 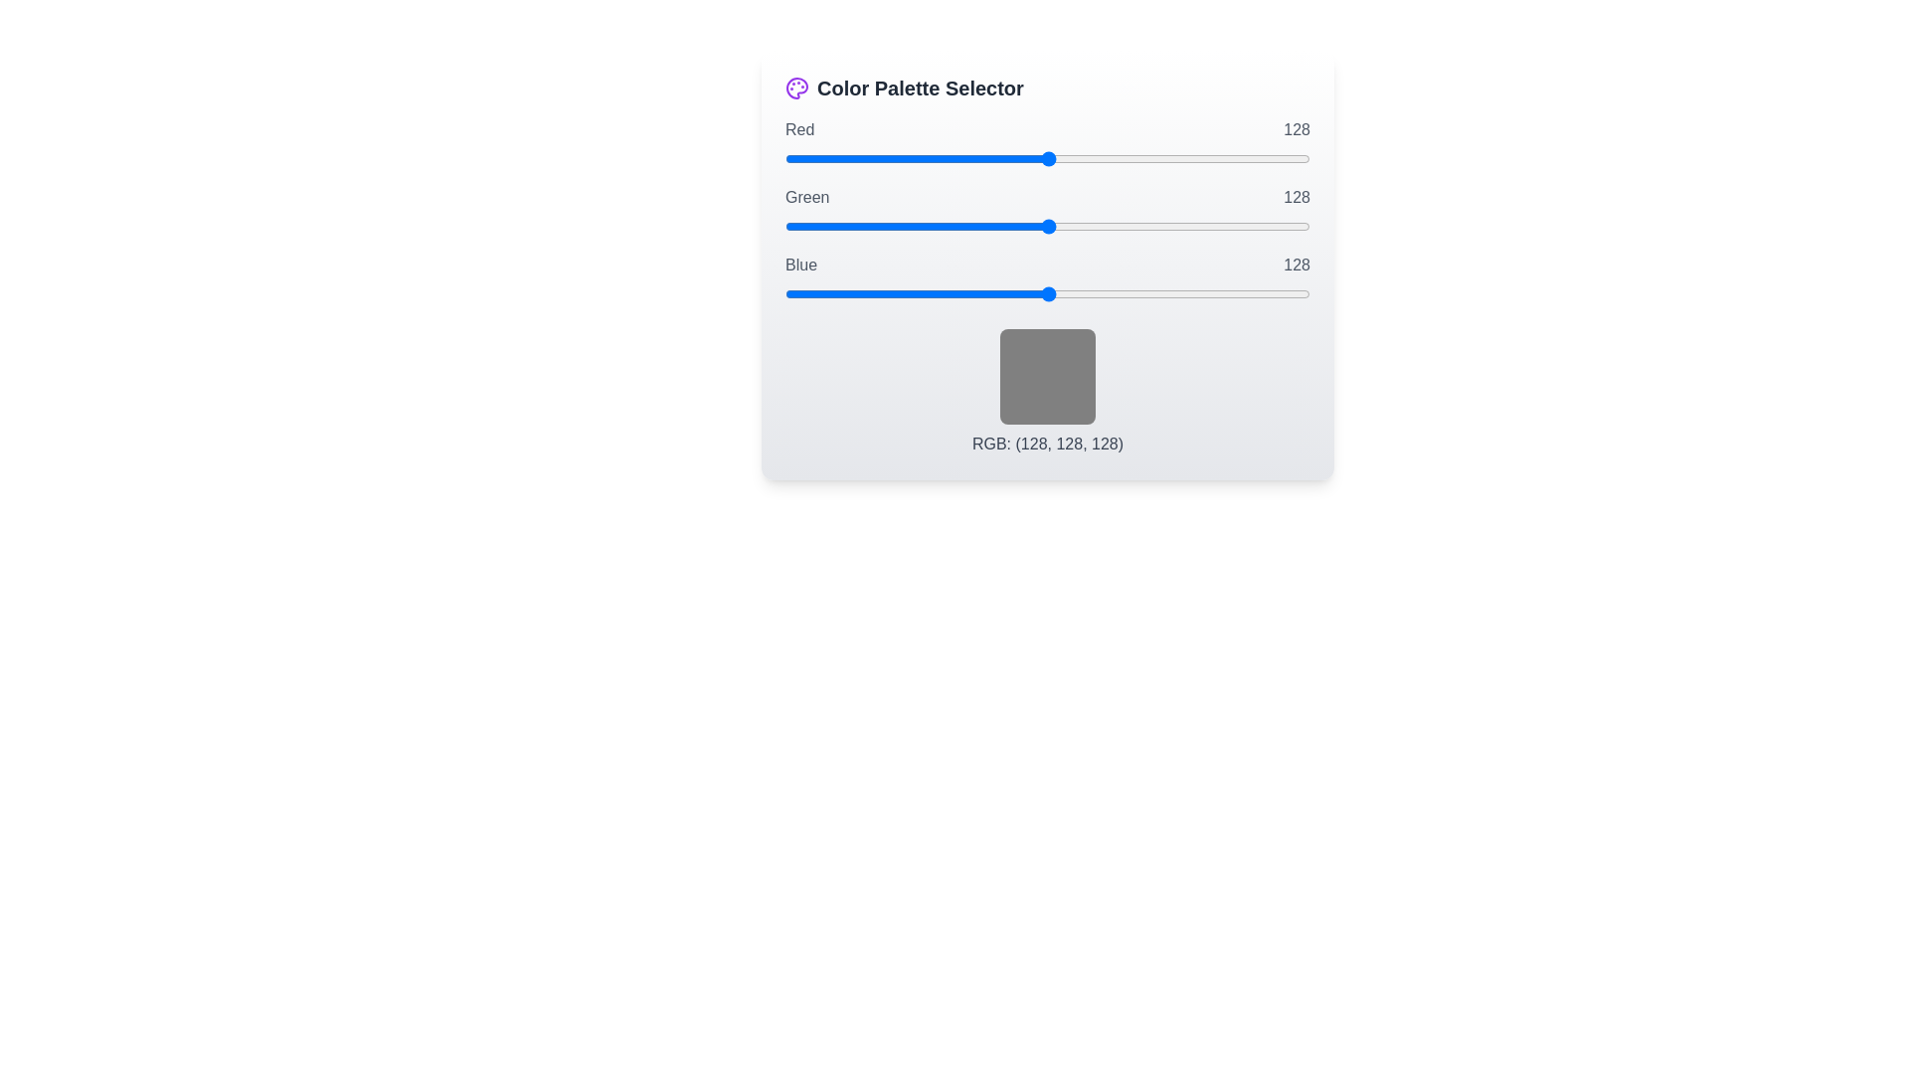 What do you see at coordinates (1047, 157) in the screenshot?
I see `the 0 slider to 122 to observe the color preview box update` at bounding box center [1047, 157].